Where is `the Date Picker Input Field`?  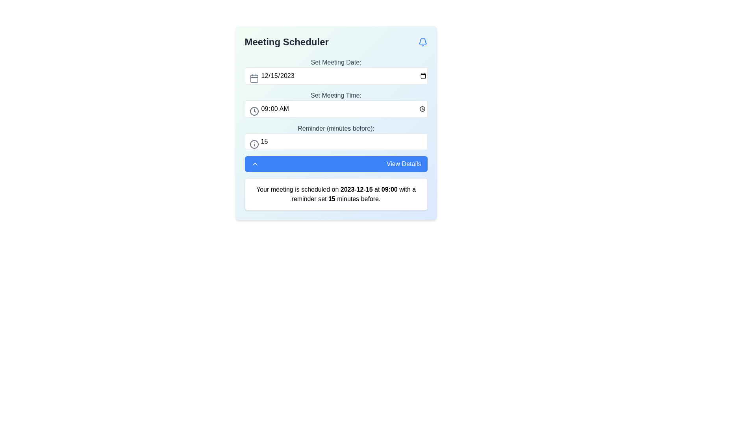
the Date Picker Input Field is located at coordinates (336, 71).